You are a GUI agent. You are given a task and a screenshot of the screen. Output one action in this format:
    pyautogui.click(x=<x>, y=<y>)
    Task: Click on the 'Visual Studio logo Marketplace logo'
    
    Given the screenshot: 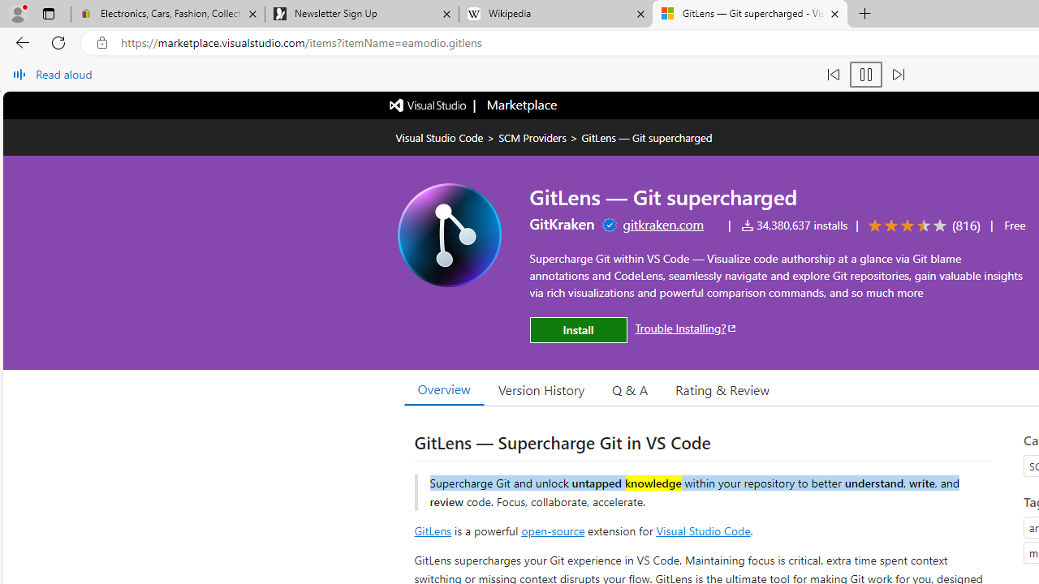 What is the action you would take?
    pyautogui.click(x=472, y=105)
    